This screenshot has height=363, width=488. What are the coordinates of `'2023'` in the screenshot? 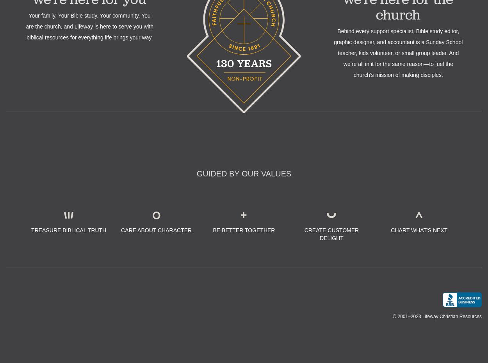 It's located at (415, 316).